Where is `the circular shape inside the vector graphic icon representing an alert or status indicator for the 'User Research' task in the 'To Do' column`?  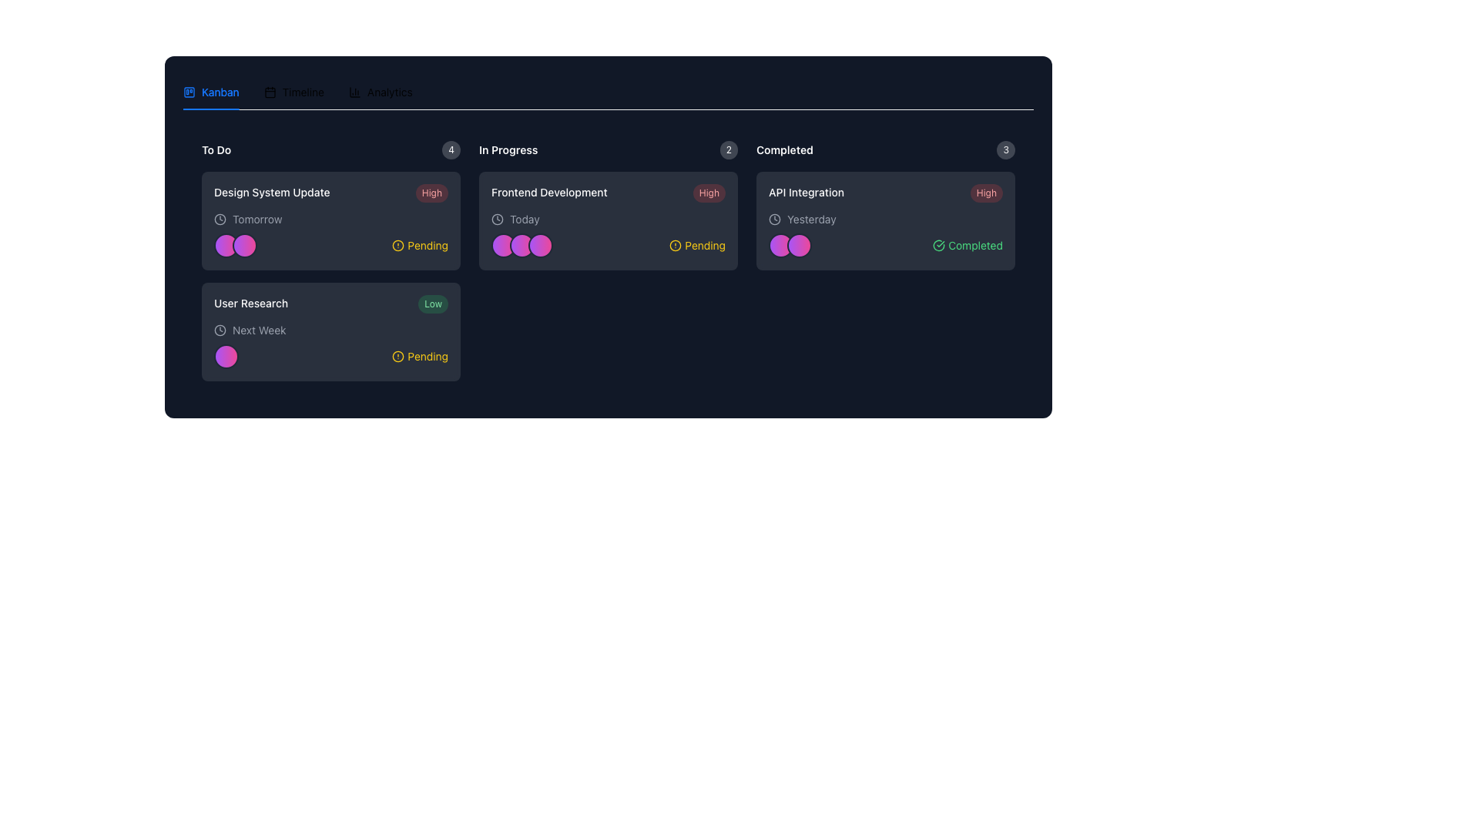
the circular shape inside the vector graphic icon representing an alert or status indicator for the 'User Research' task in the 'To Do' column is located at coordinates (398, 356).